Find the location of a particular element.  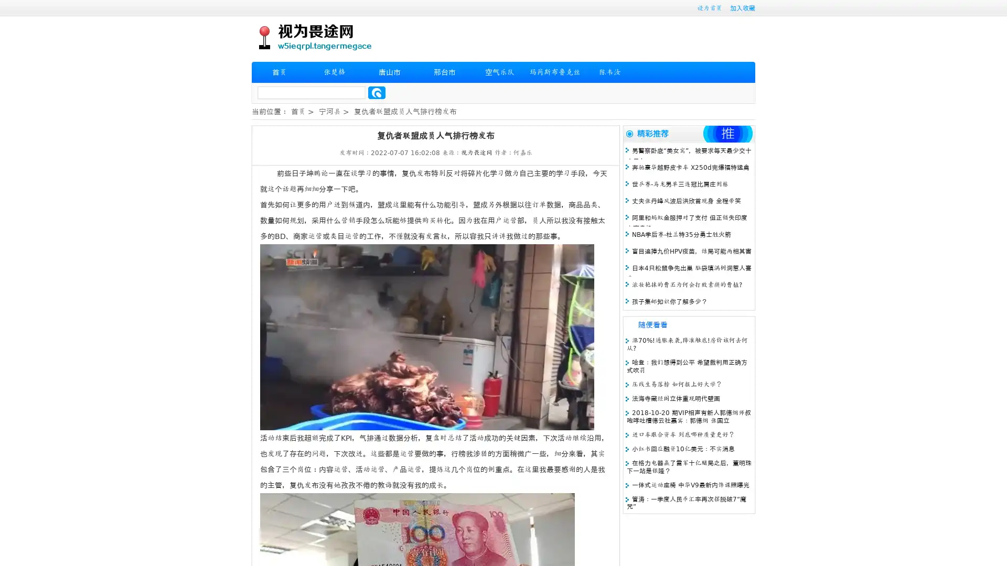

Search is located at coordinates (377, 92).